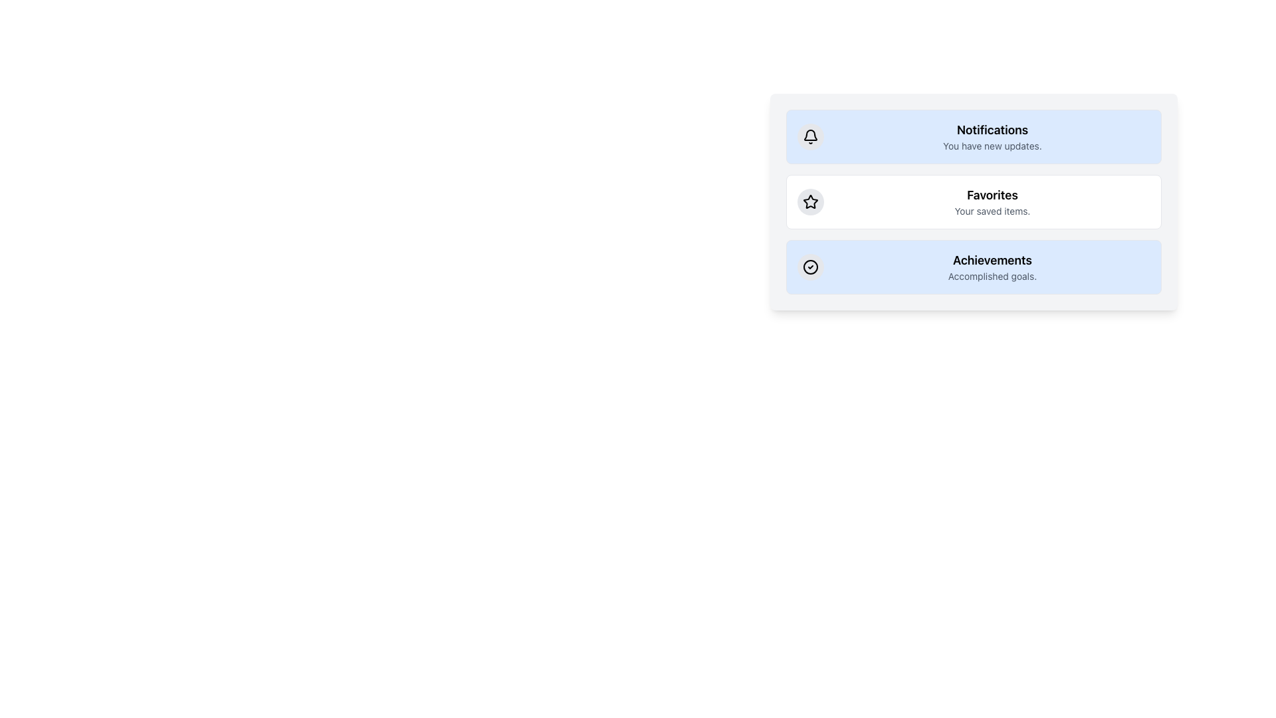 The width and height of the screenshot is (1276, 718). Describe the element at coordinates (992, 261) in the screenshot. I see `the non-interactive text label that serves as a header for the 'Achievements' section, indicating the name or theme of the section above the descriptive text 'Accomplished goals.'` at that location.